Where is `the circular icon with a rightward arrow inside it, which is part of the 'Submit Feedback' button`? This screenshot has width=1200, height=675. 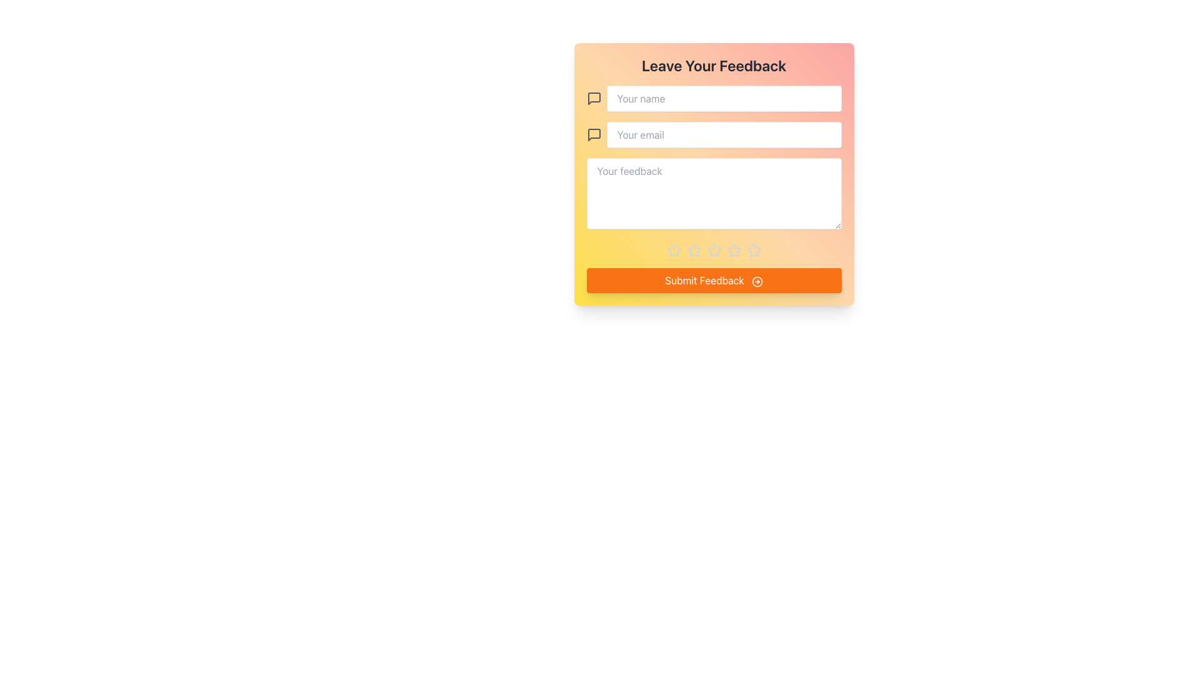
the circular icon with a rightward arrow inside it, which is part of the 'Submit Feedback' button is located at coordinates (756, 281).